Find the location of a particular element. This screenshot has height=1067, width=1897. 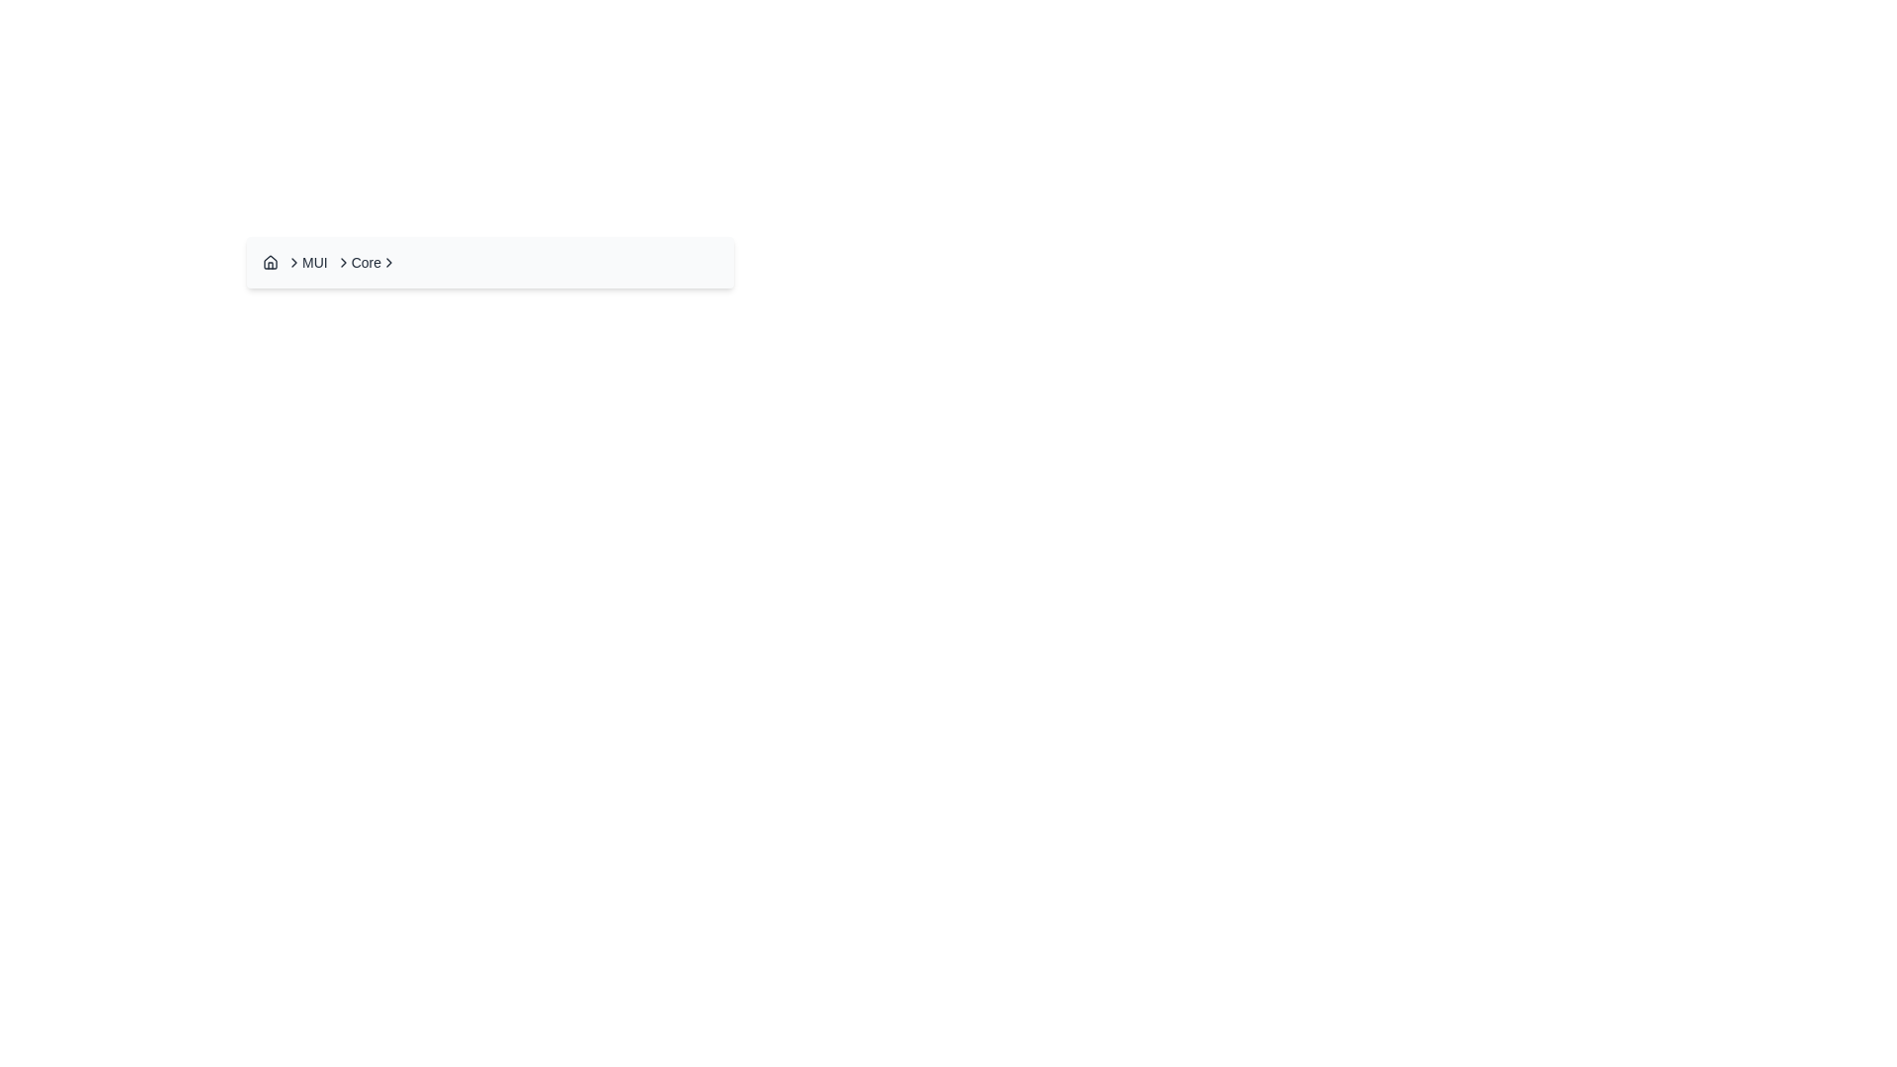

the chevron right icon located to the right of the text labeled 'Core' is located at coordinates (388, 262).